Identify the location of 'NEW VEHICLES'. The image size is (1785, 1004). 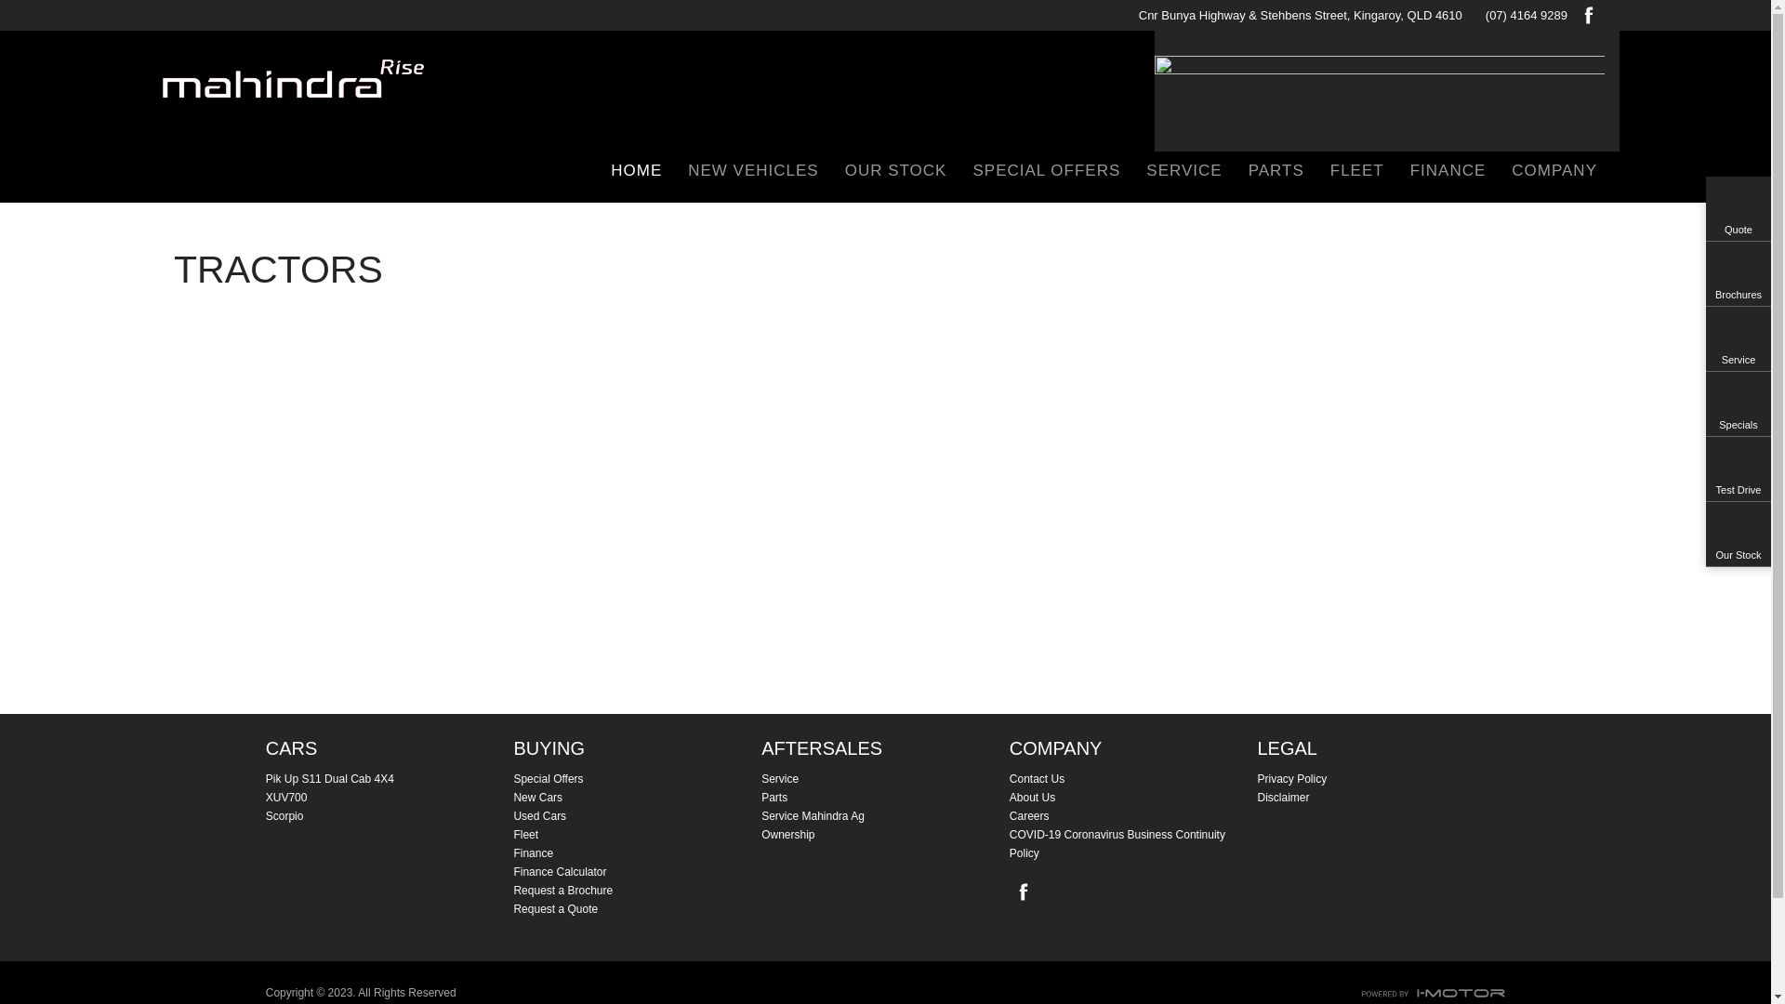
(753, 172).